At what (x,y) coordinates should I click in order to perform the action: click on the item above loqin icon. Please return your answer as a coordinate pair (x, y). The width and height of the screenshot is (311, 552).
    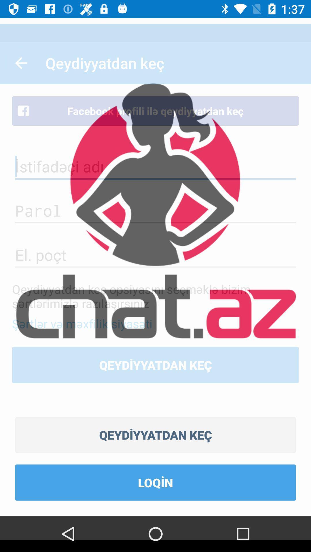
    Looking at the image, I should click on (155, 435).